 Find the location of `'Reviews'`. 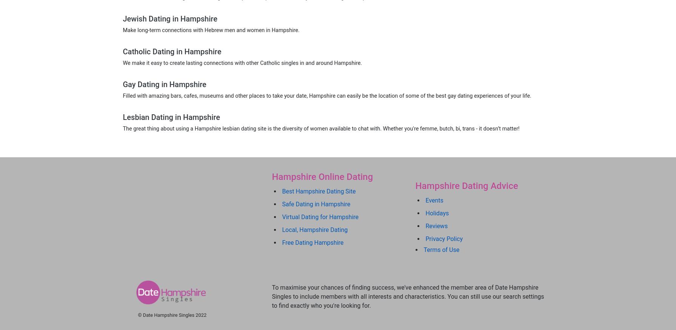

'Reviews' is located at coordinates (436, 226).